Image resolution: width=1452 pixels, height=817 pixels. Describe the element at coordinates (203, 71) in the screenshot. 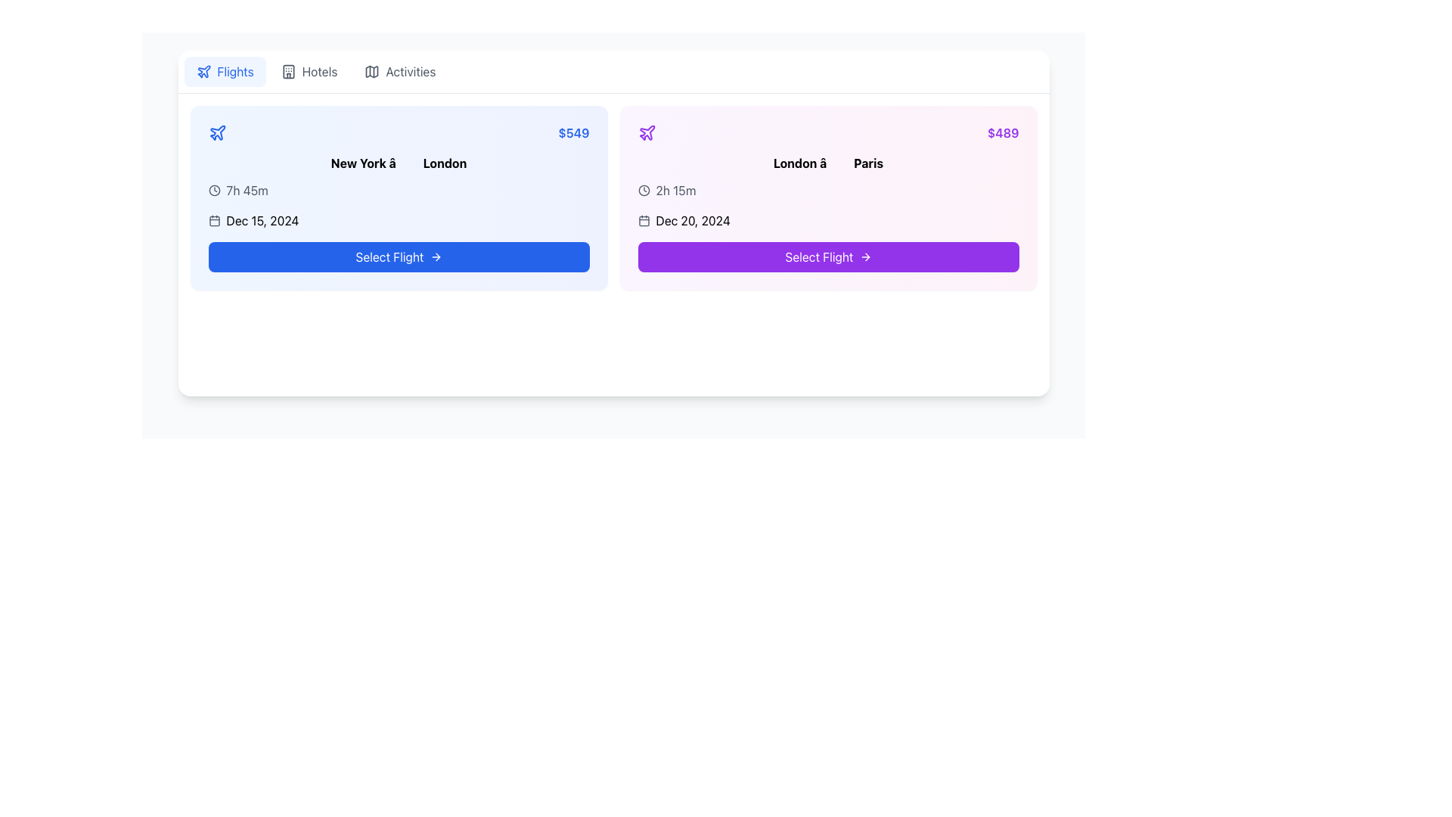

I see `the flight option icon located in the top-left corner of the blue background card, which emphasizes air travel` at that location.